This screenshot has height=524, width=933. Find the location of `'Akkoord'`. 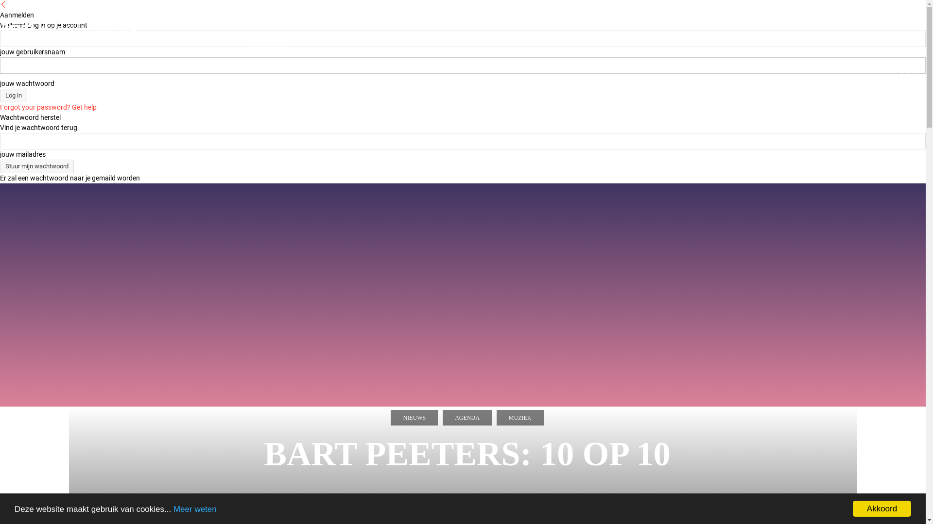

'Akkoord' is located at coordinates (852, 508).